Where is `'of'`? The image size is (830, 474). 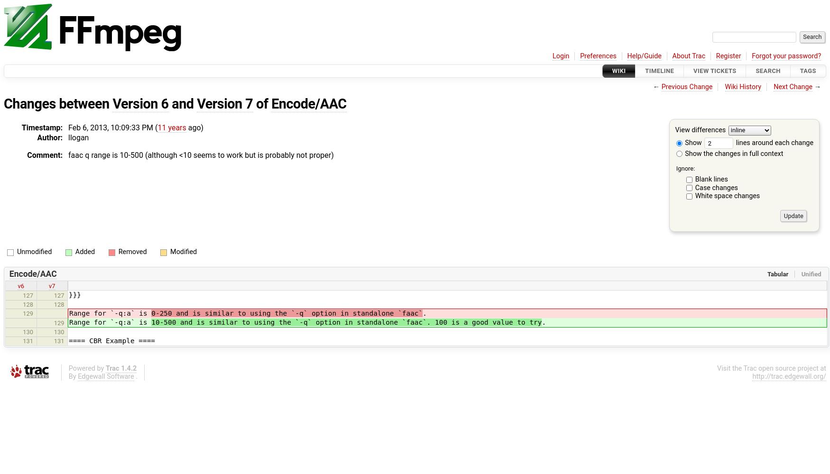 'of' is located at coordinates (252, 103).